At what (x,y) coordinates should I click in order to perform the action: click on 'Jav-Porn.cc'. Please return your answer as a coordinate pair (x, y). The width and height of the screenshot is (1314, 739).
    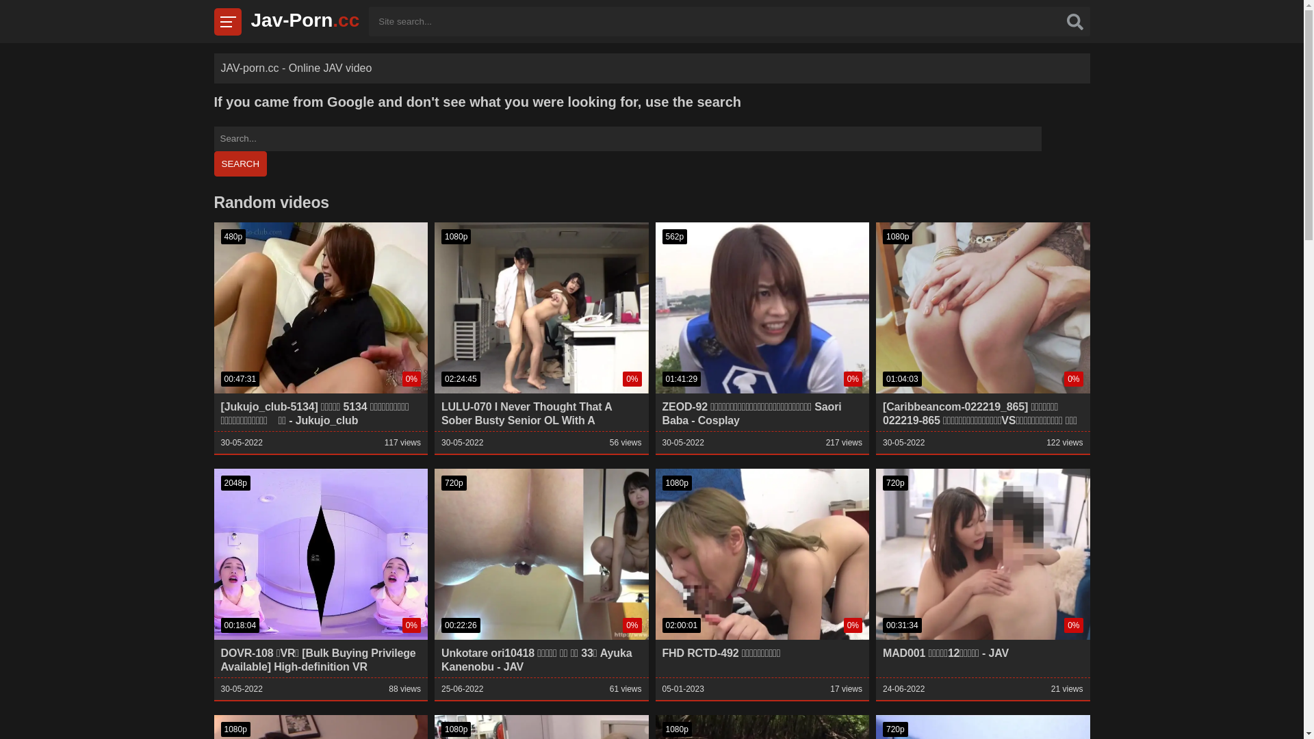
    Looking at the image, I should click on (304, 20).